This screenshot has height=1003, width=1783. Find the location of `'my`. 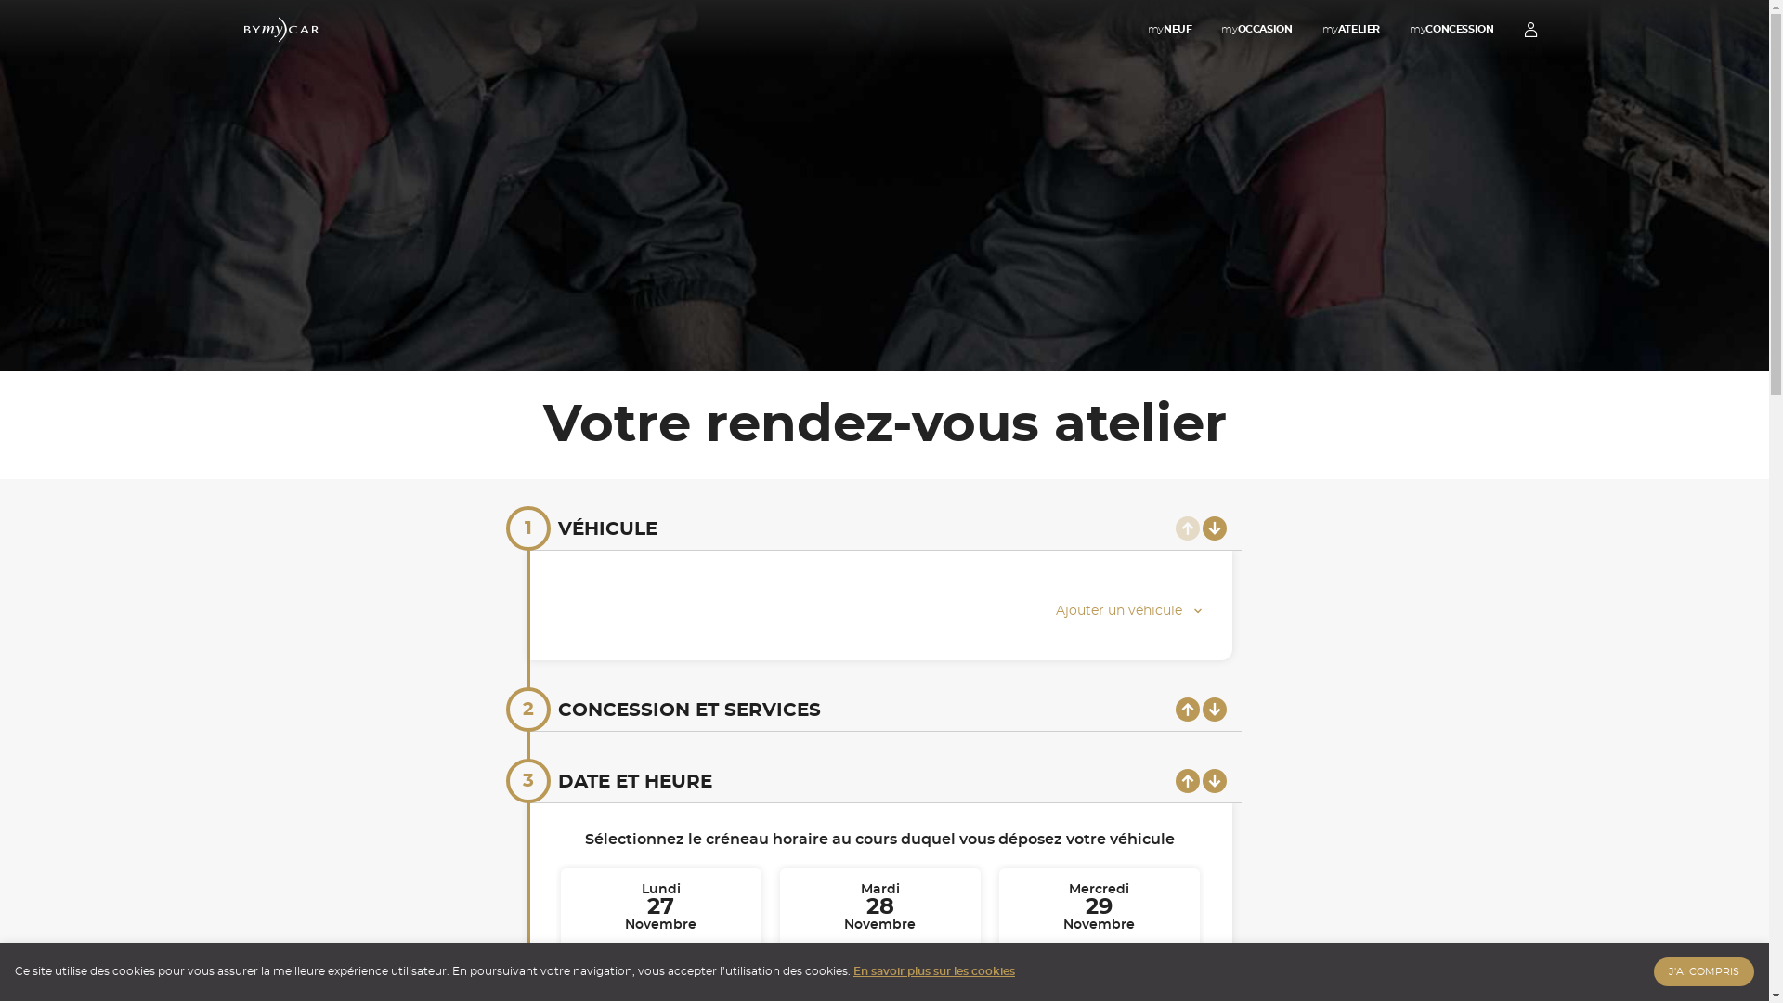

'my is located at coordinates (1168, 29).